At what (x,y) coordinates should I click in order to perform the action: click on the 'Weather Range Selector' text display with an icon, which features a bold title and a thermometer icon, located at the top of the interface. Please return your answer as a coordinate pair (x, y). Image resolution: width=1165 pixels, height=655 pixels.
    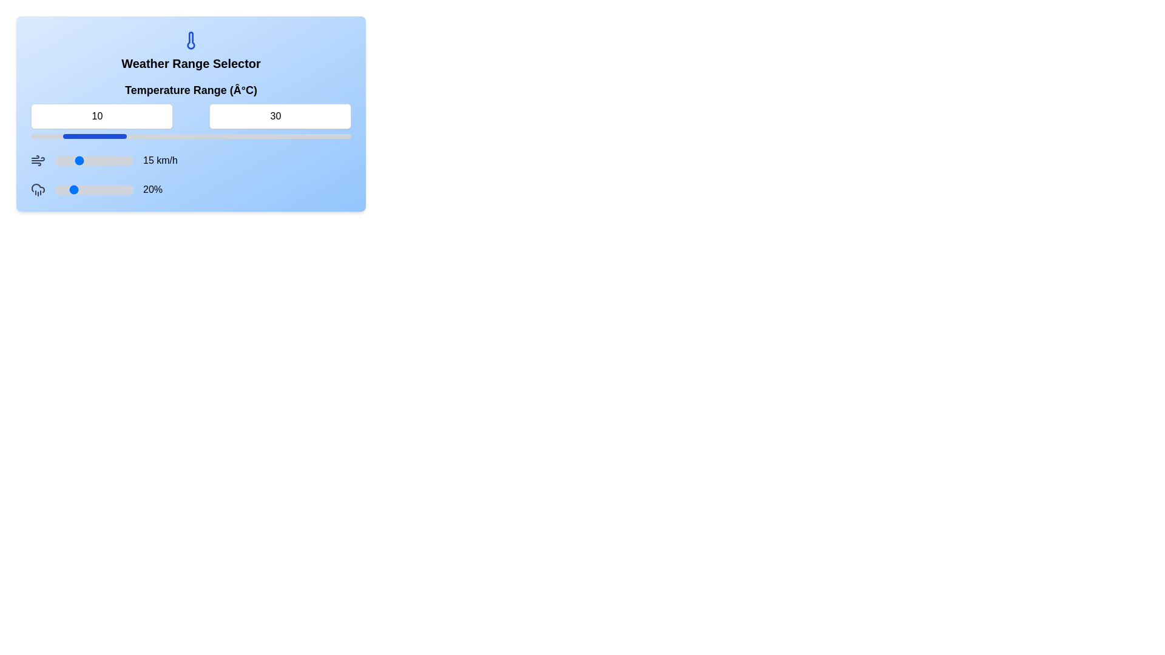
    Looking at the image, I should click on (191, 50).